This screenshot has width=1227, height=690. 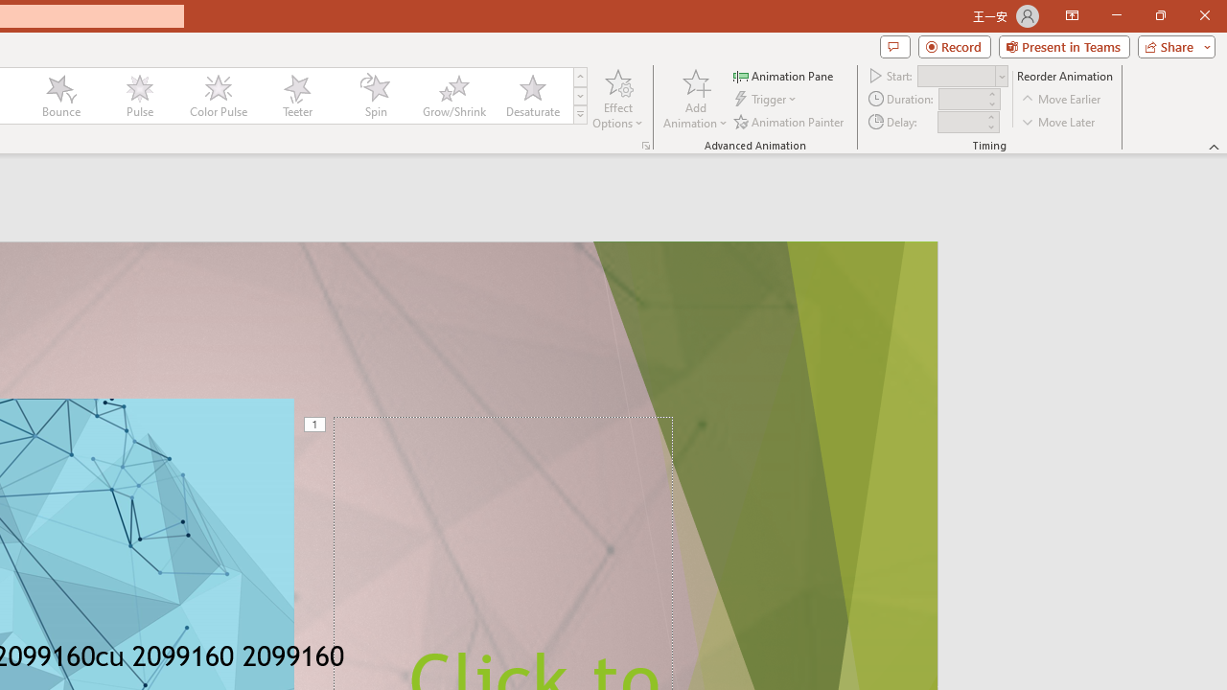 I want to click on 'More', so click(x=990, y=116).